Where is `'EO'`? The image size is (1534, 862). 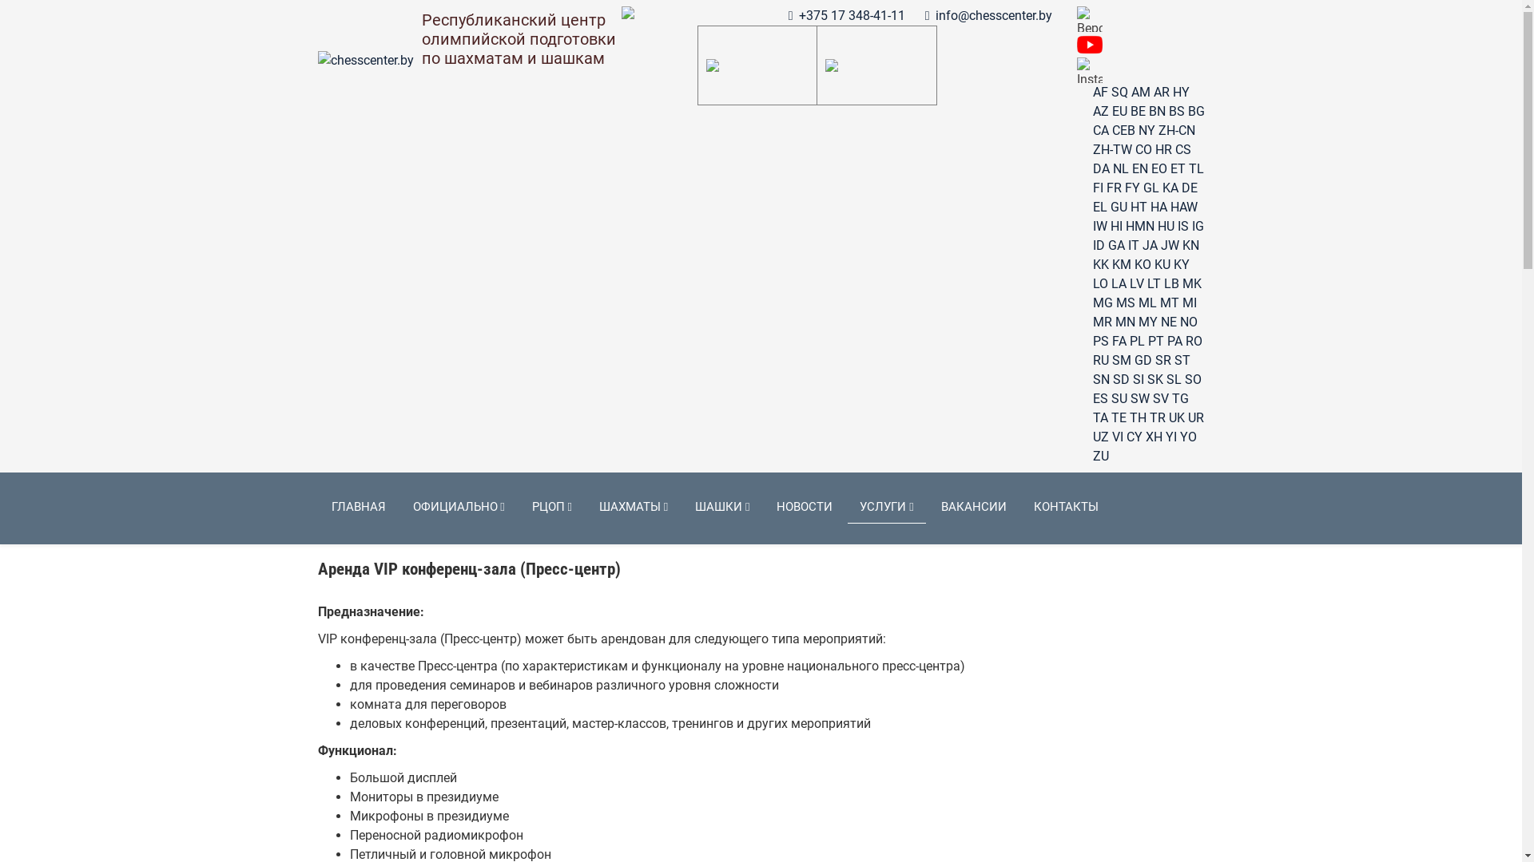
'EO' is located at coordinates (1158, 168).